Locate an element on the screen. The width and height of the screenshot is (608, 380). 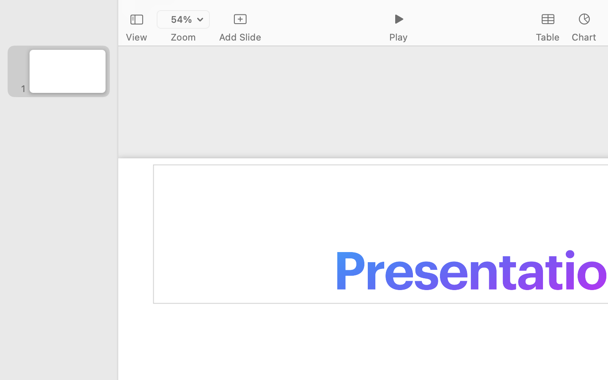
'Zoom' is located at coordinates (183, 37).